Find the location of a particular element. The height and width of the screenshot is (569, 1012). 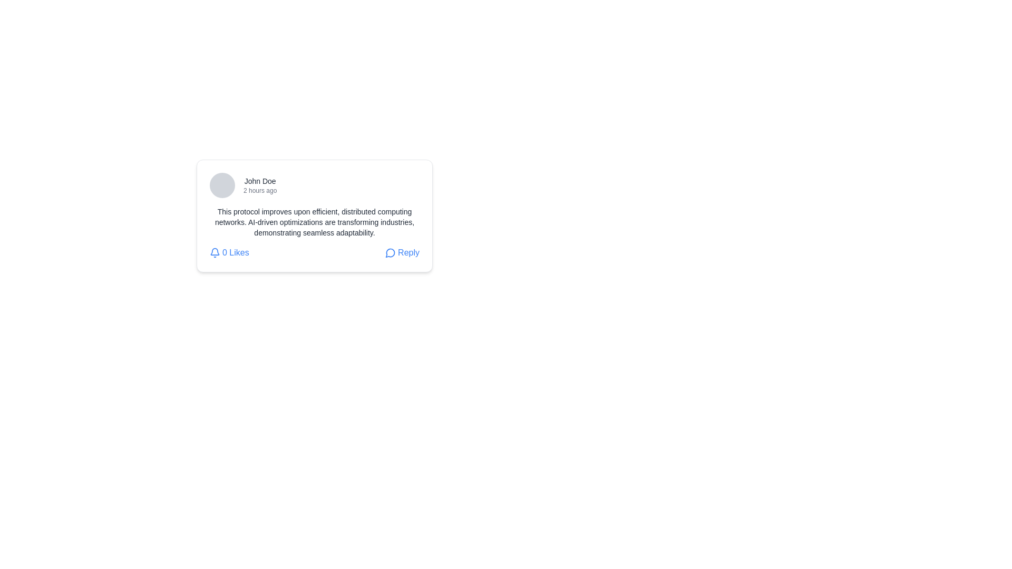

the static text label that displays the number of likes associated with the comment, located at the bottom-left of the comment-like card component, to the right of the notification bell icon is located at coordinates (235, 252).